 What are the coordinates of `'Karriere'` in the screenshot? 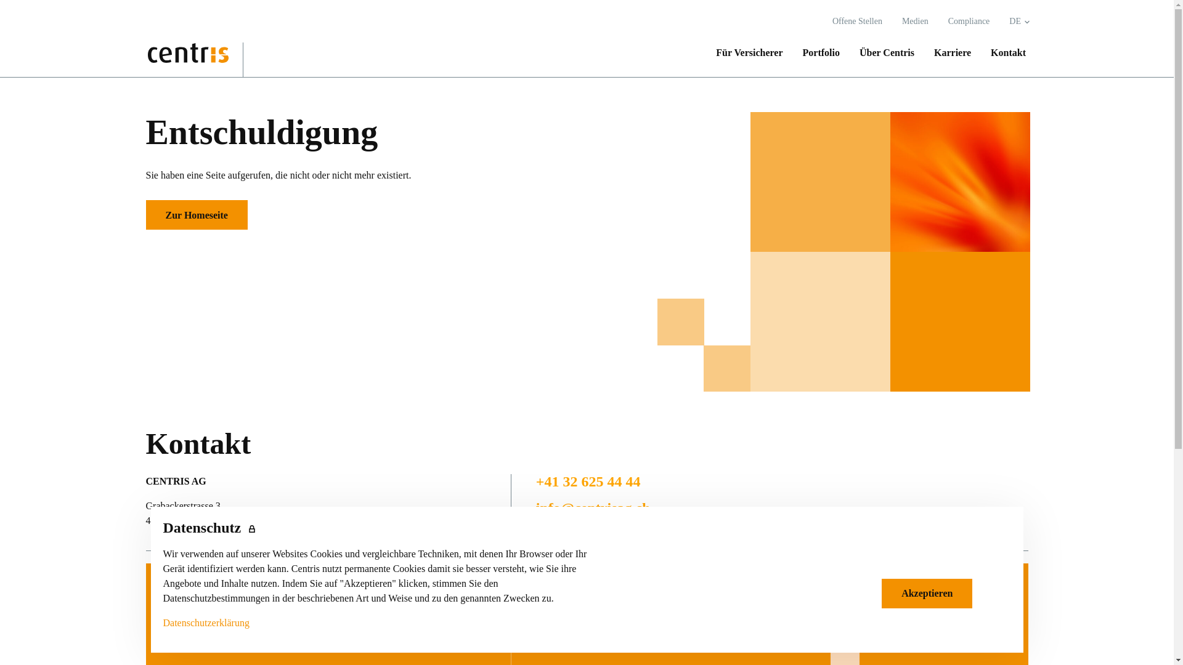 It's located at (924, 52).